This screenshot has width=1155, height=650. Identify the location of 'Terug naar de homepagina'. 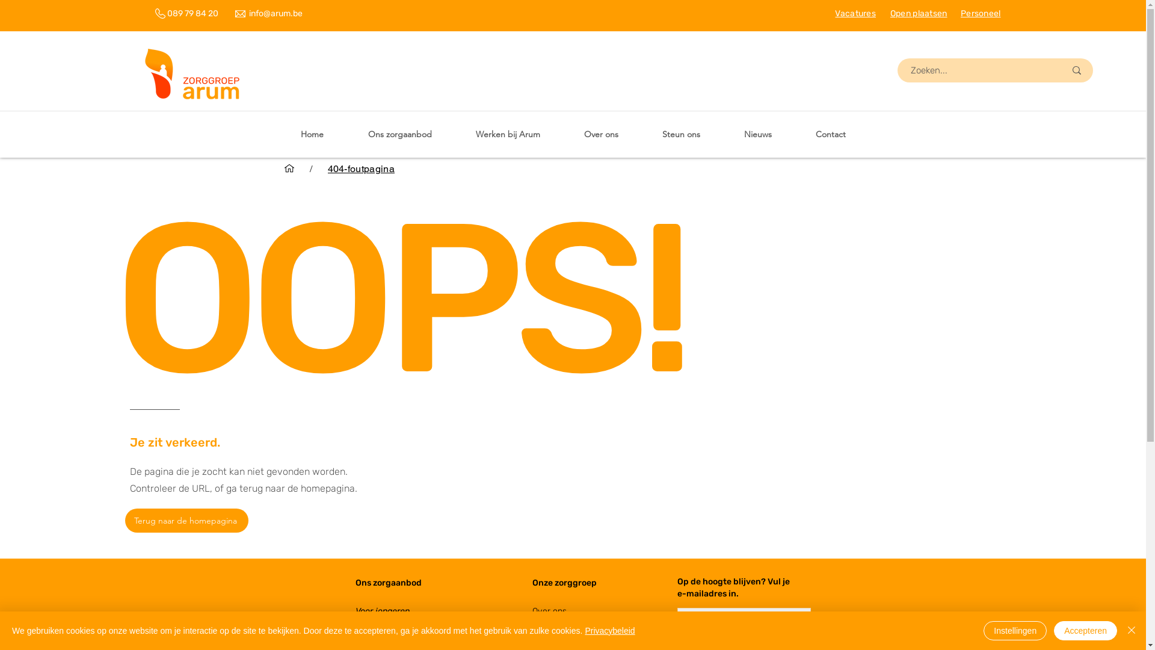
(125, 519).